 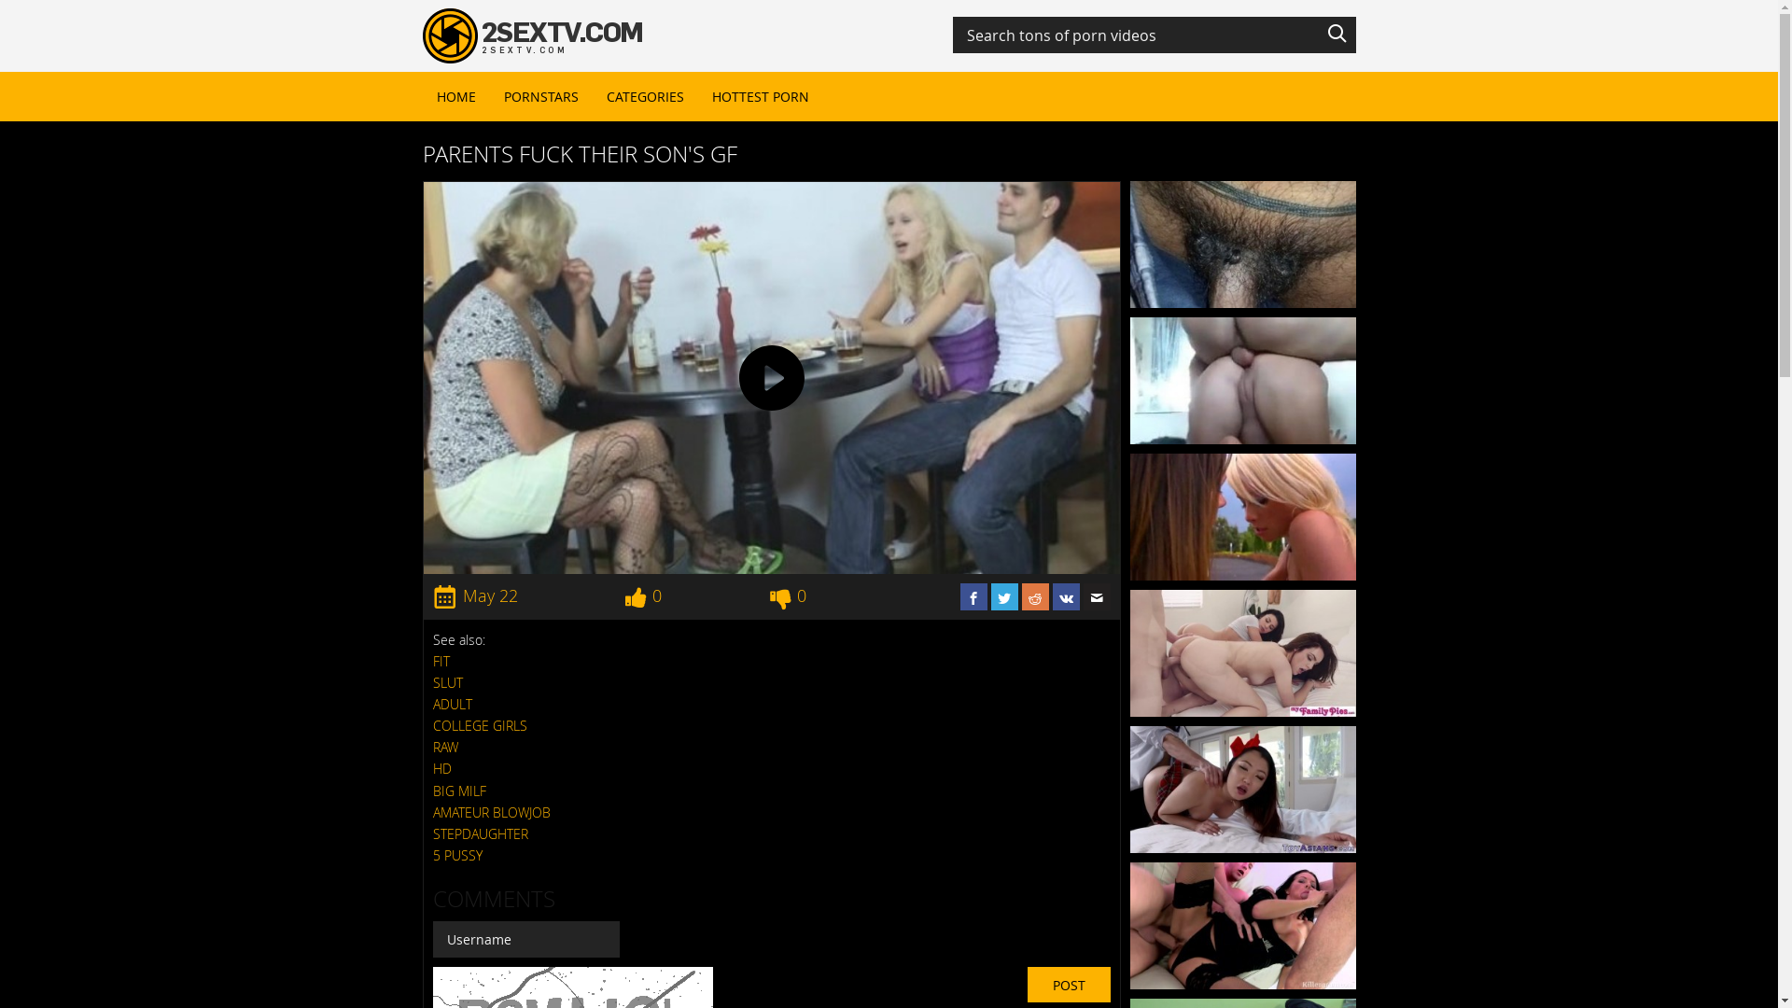 I want to click on 'PORNSTARS', so click(x=539, y=96).